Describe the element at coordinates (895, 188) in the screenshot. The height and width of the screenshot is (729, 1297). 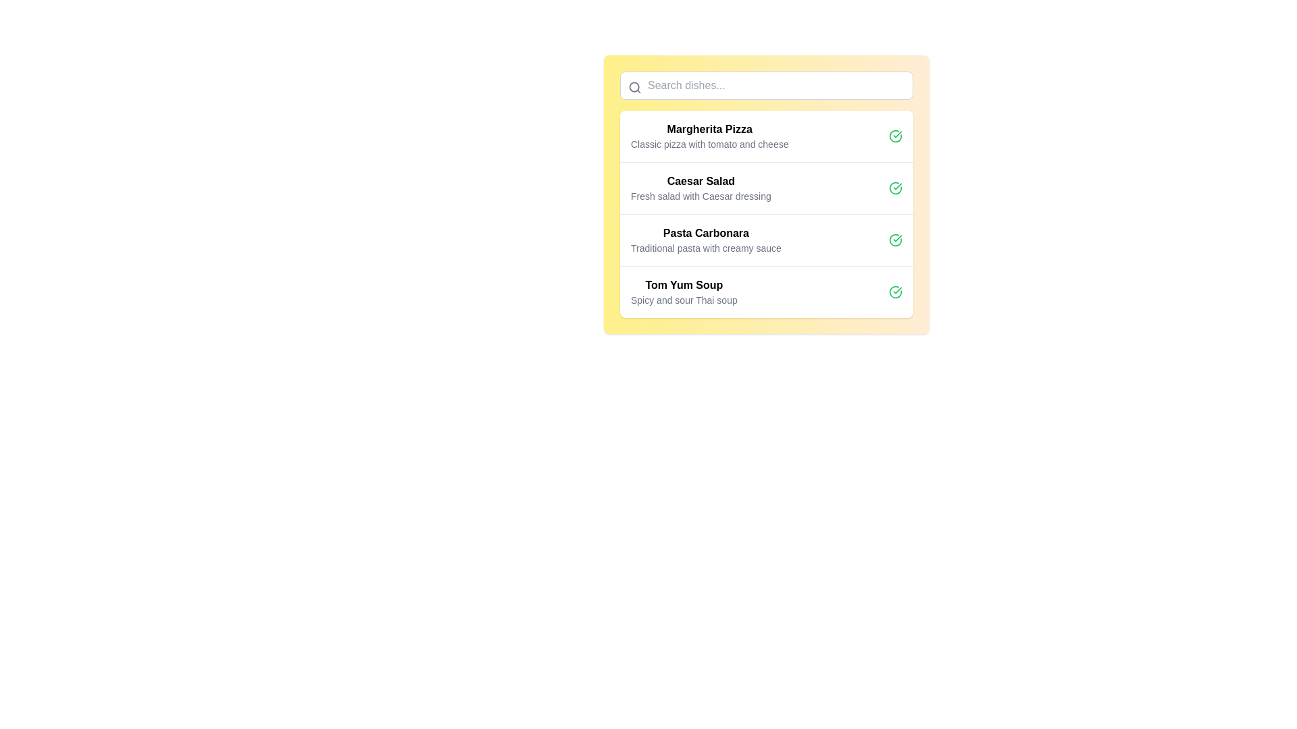
I see `the approval status icon located in the 'Caesar Salad' row at the far-right end of the list` at that location.